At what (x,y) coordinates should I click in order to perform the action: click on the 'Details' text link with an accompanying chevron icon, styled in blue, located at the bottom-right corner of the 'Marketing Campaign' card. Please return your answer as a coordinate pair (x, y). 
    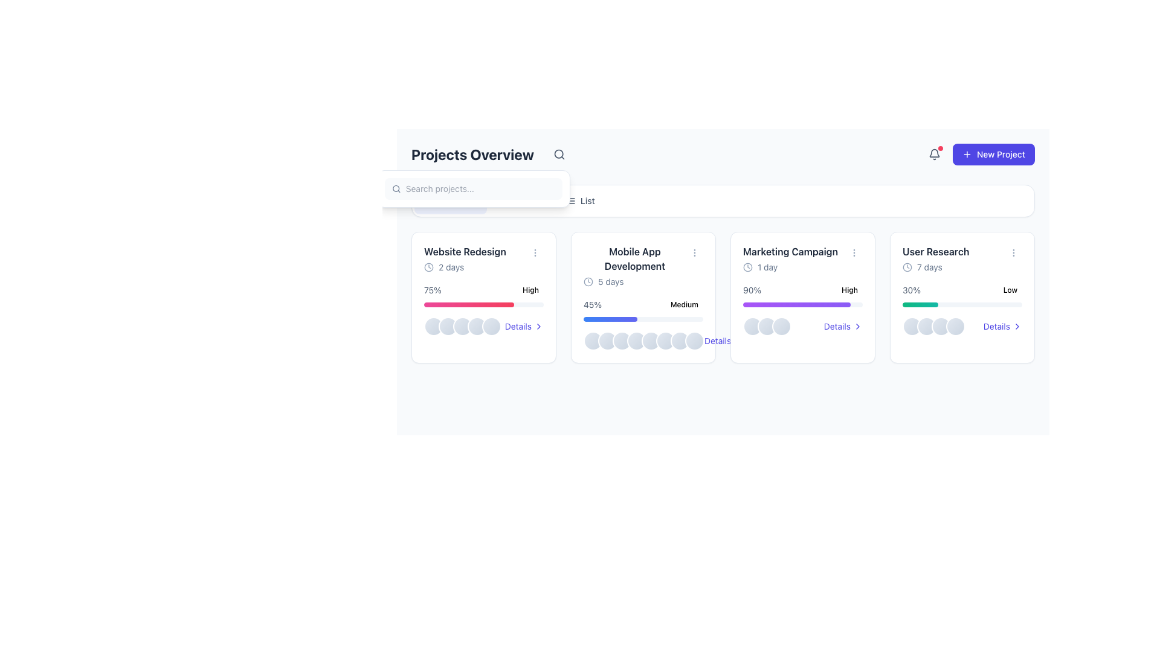
    Looking at the image, I should click on (842, 326).